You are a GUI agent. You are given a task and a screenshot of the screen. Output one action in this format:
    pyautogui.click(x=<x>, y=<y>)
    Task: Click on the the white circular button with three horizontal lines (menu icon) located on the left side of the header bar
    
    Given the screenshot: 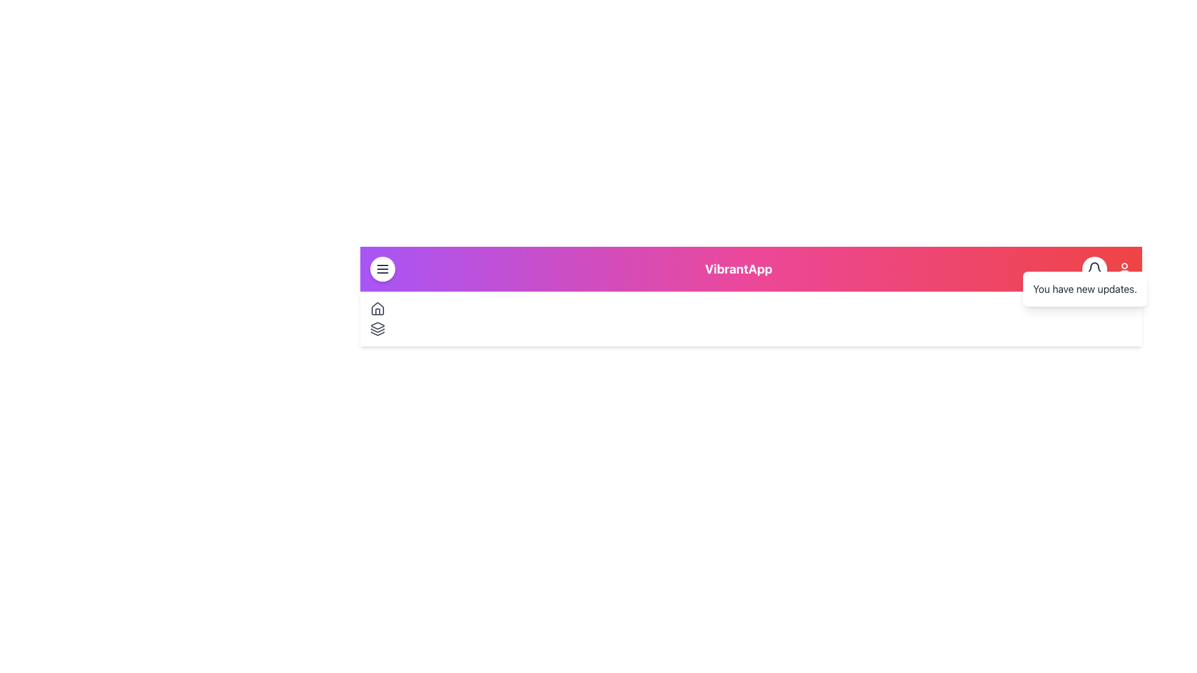 What is the action you would take?
    pyautogui.click(x=382, y=269)
    